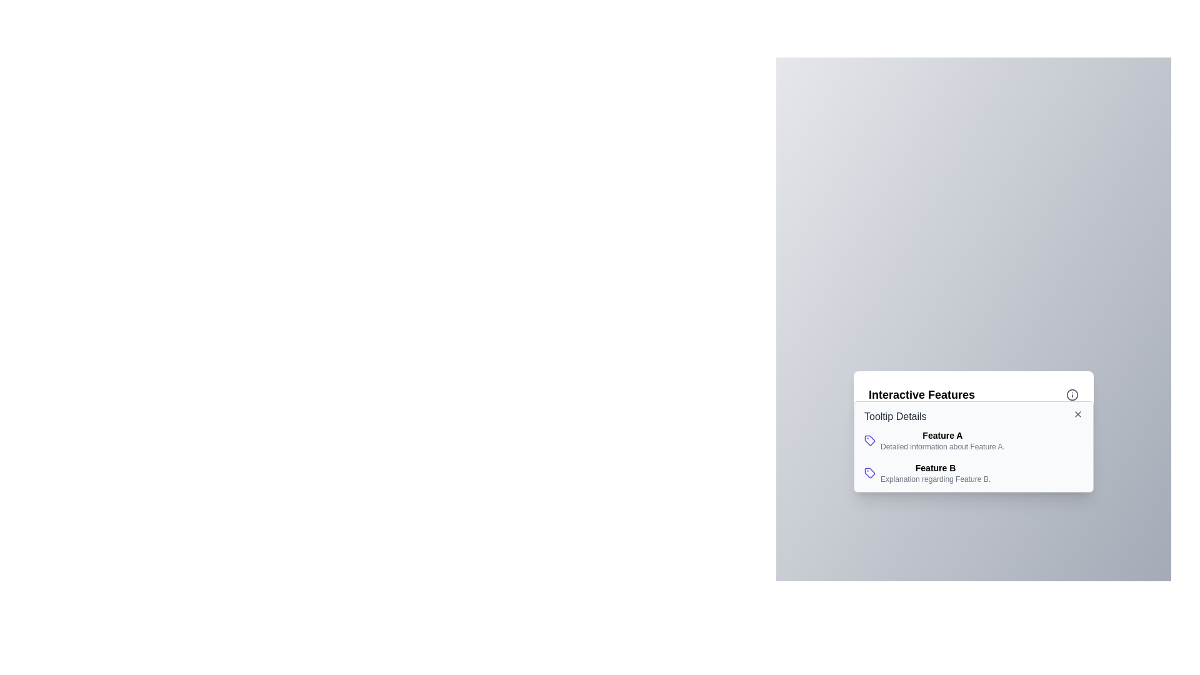 This screenshot has width=1200, height=675. What do you see at coordinates (894, 417) in the screenshot?
I see `text of the Text Label located at the top-left of the 'Interactive Features' panel, which serves as a header or label` at bounding box center [894, 417].